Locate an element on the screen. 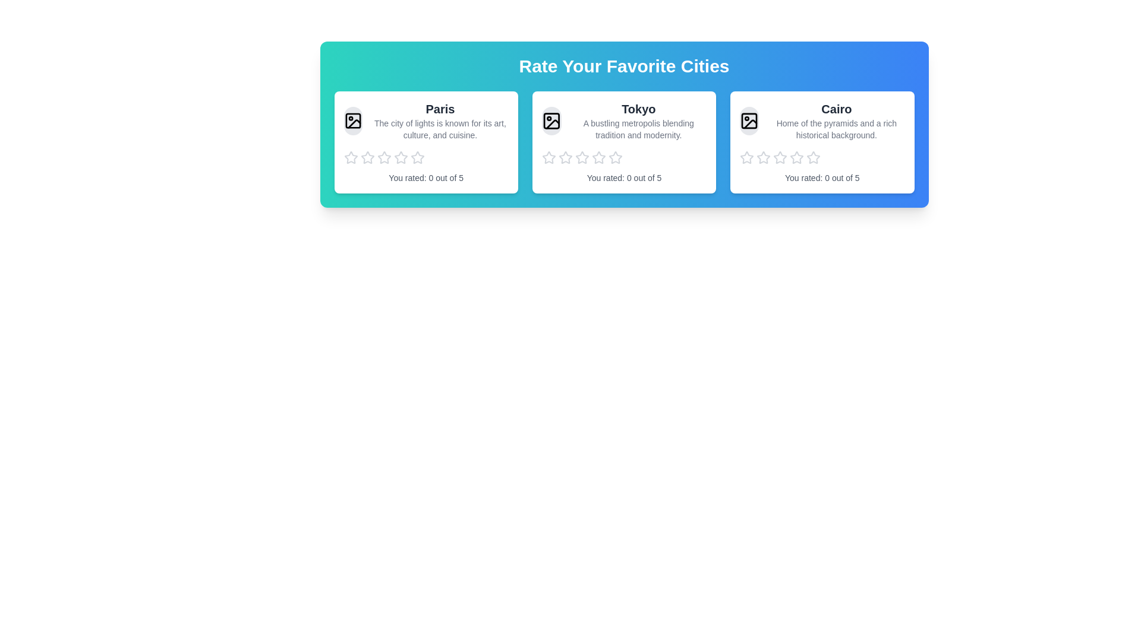 This screenshot has height=641, width=1141. heading text 'Tokyo' displayed in a bold and large font, which is centered within the second card layout is located at coordinates (638, 109).